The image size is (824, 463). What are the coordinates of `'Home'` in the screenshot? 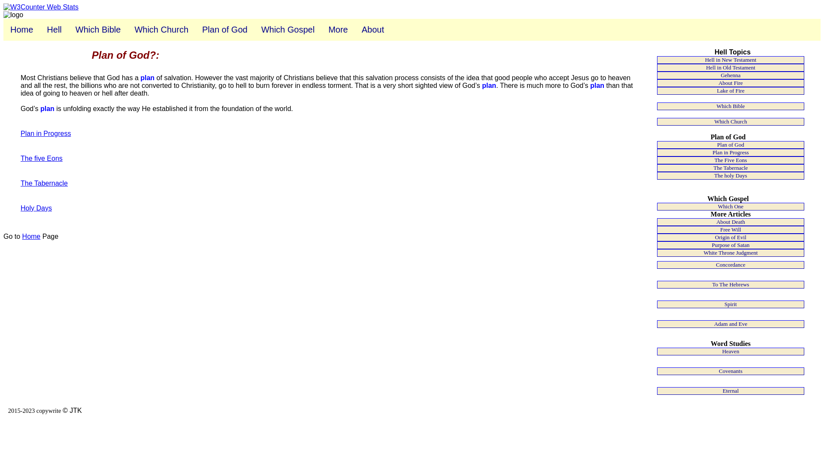 It's located at (21, 29).